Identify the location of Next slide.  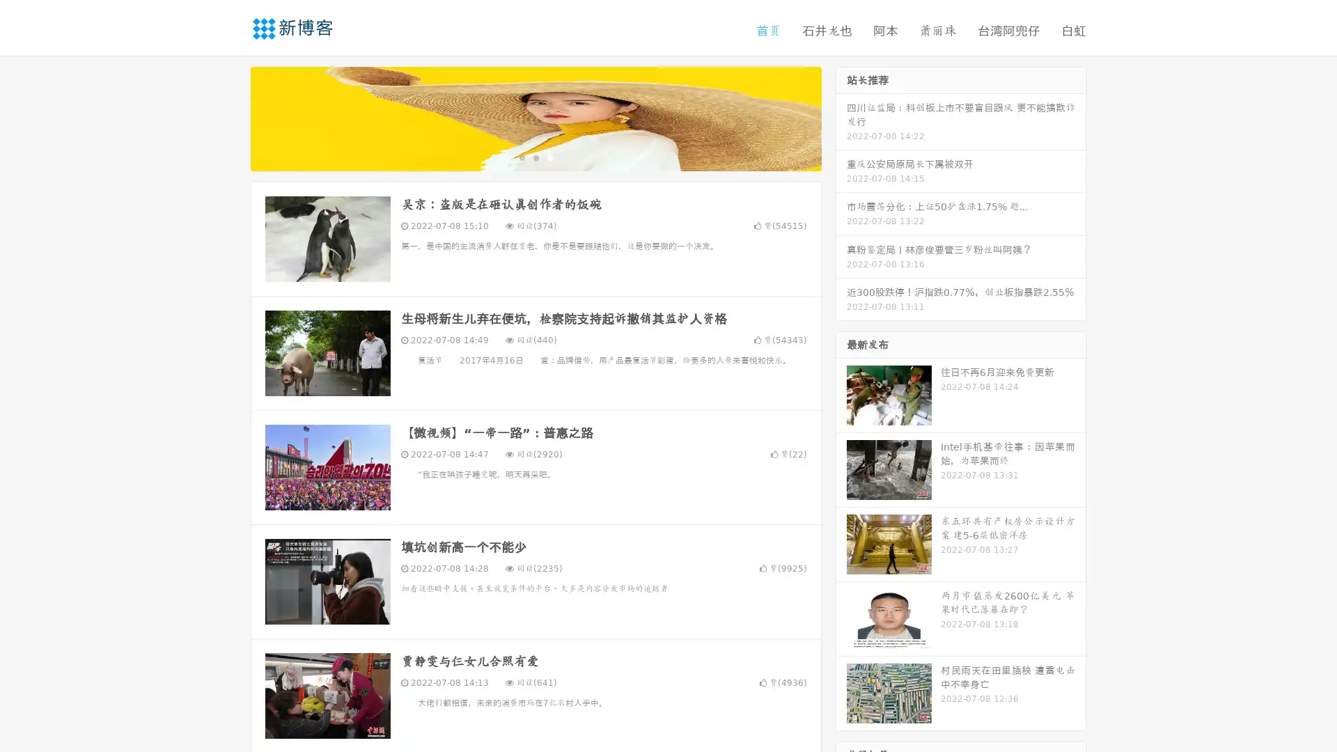
(841, 117).